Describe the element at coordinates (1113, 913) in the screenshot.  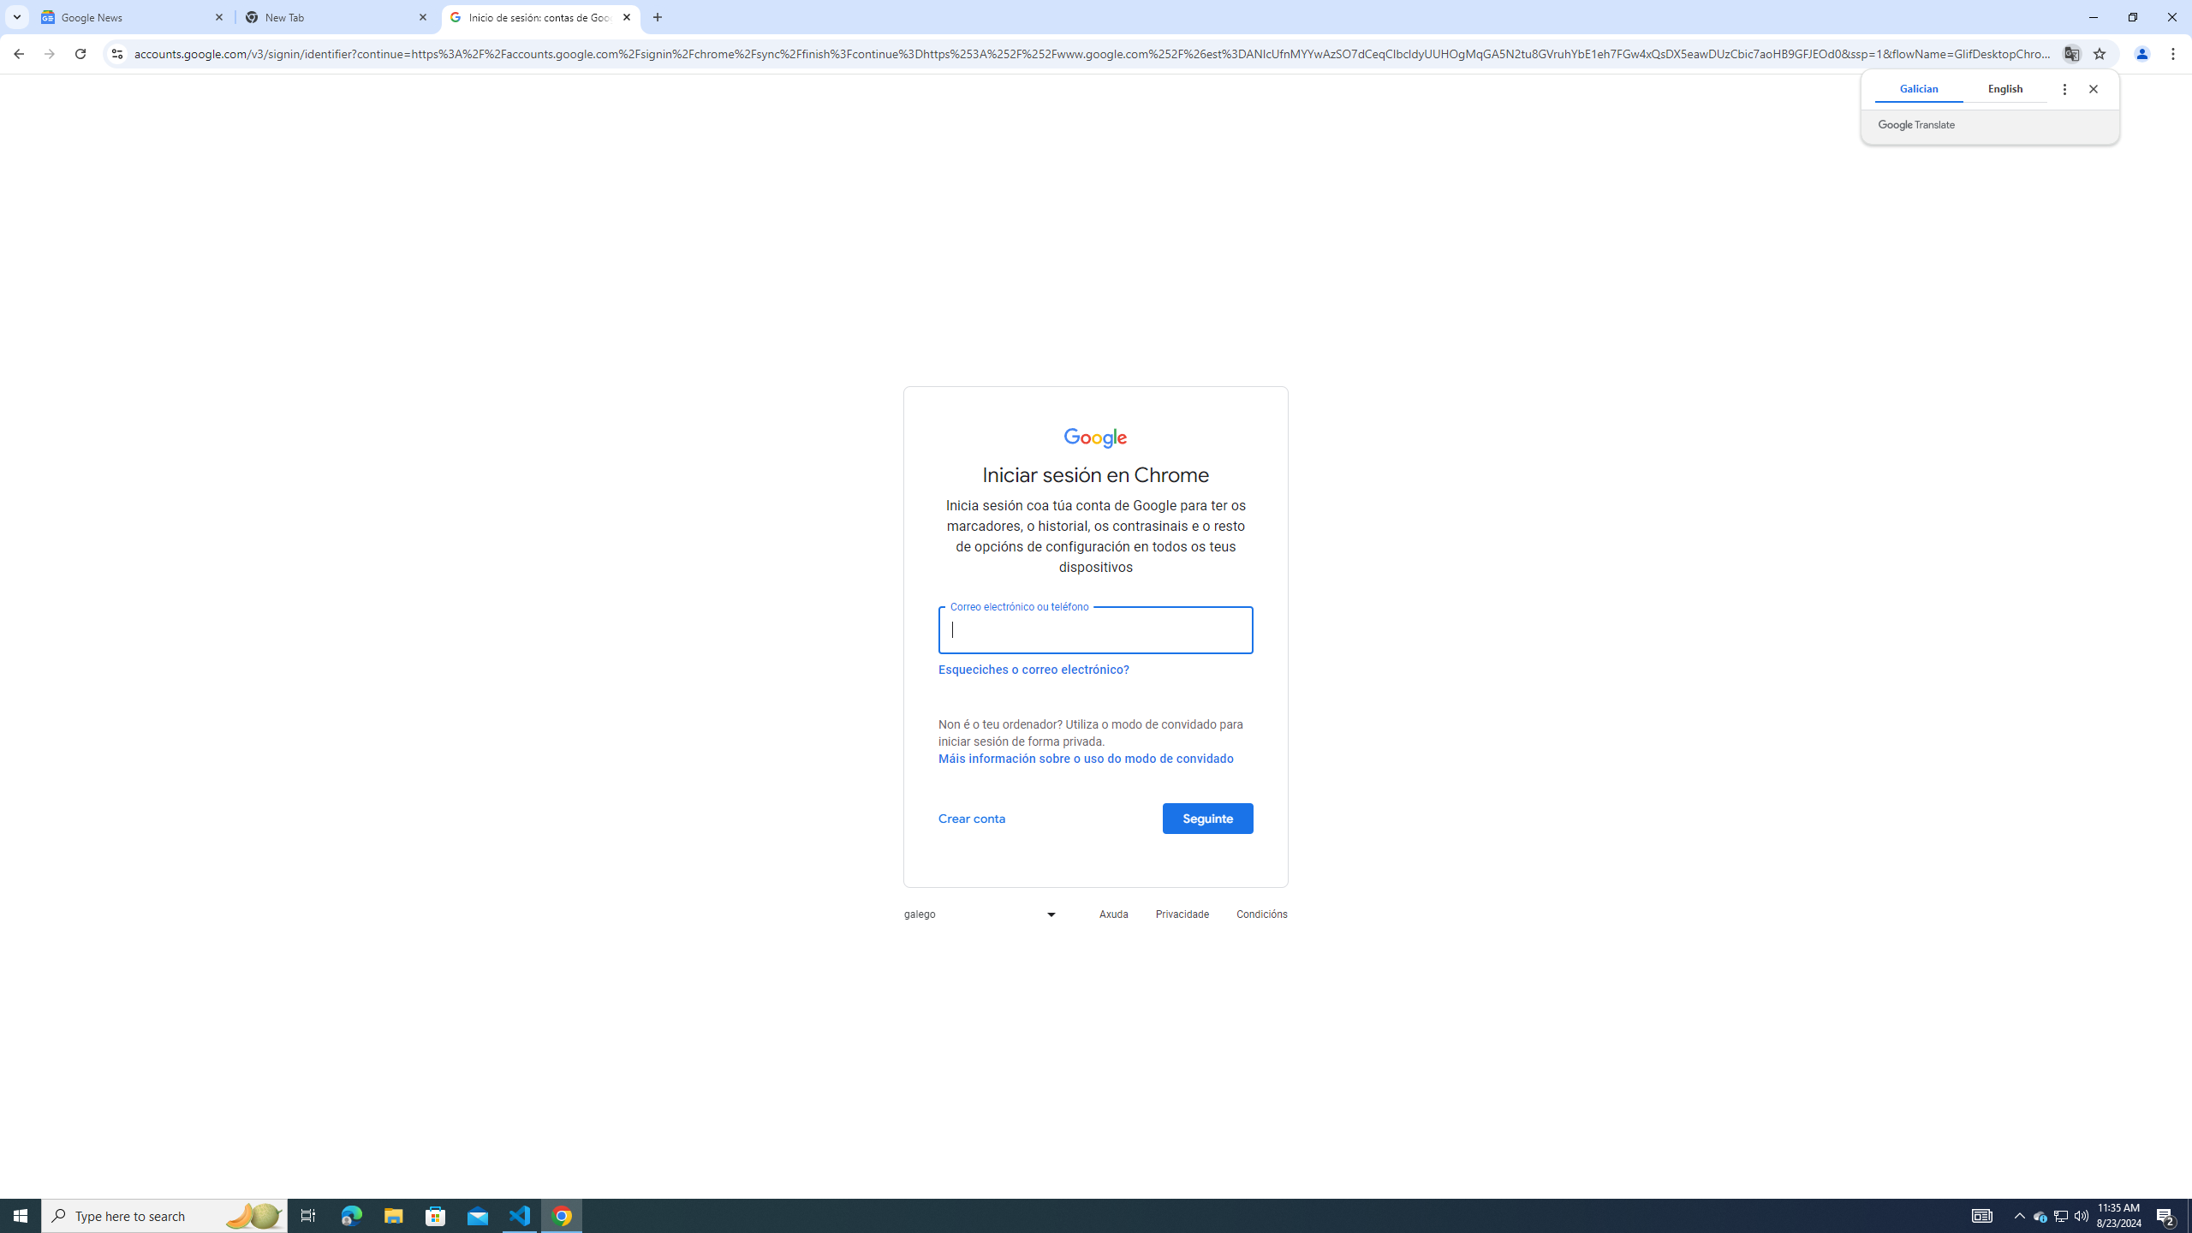
I see `'Axuda'` at that location.